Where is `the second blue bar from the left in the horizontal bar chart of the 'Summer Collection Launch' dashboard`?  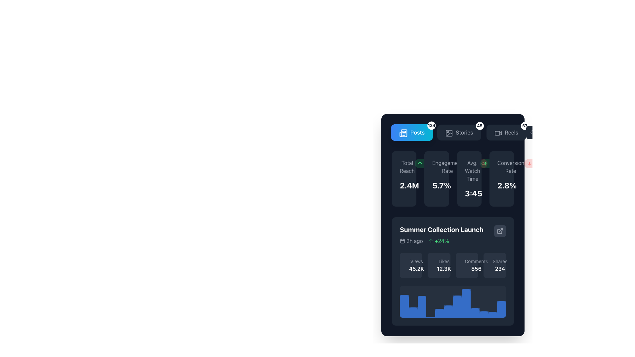 the second blue bar from the left in the horizontal bar chart of the 'Summer Collection Launch' dashboard is located at coordinates (413, 312).